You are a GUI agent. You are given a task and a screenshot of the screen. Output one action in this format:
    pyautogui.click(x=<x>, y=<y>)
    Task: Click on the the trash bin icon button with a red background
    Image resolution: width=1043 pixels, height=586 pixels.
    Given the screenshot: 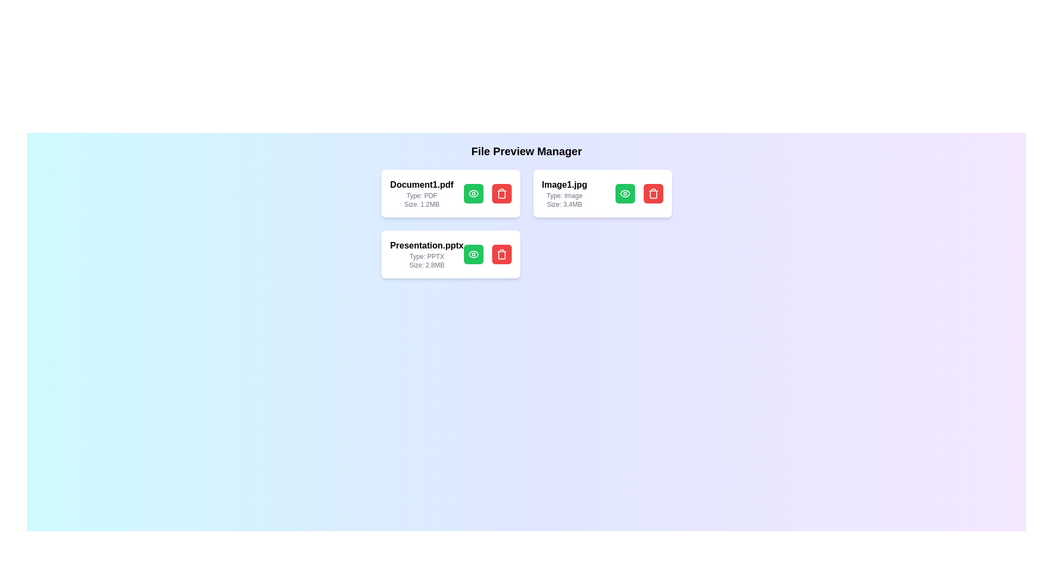 What is the action you would take?
    pyautogui.click(x=652, y=193)
    